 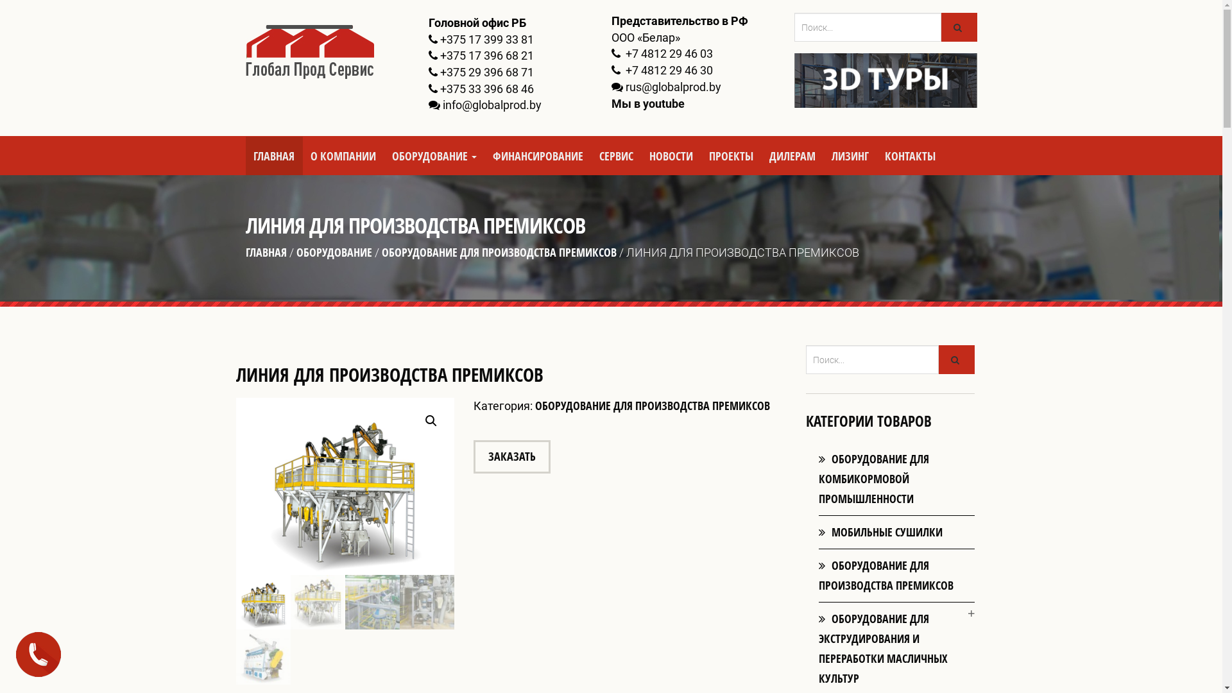 What do you see at coordinates (486, 55) in the screenshot?
I see `'+375 17 396 68 21'` at bounding box center [486, 55].